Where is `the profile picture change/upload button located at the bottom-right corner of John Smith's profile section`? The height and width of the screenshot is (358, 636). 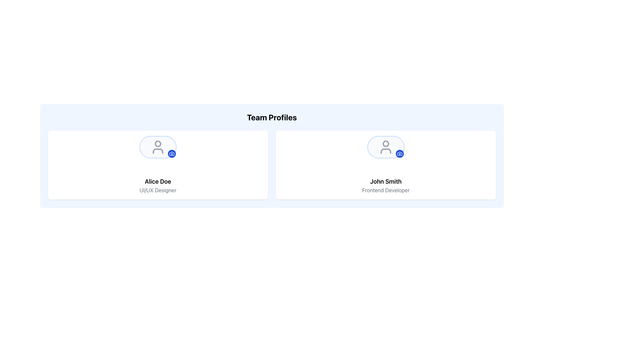
the profile picture change/upload button located at the bottom-right corner of John Smith's profile section is located at coordinates (399, 153).